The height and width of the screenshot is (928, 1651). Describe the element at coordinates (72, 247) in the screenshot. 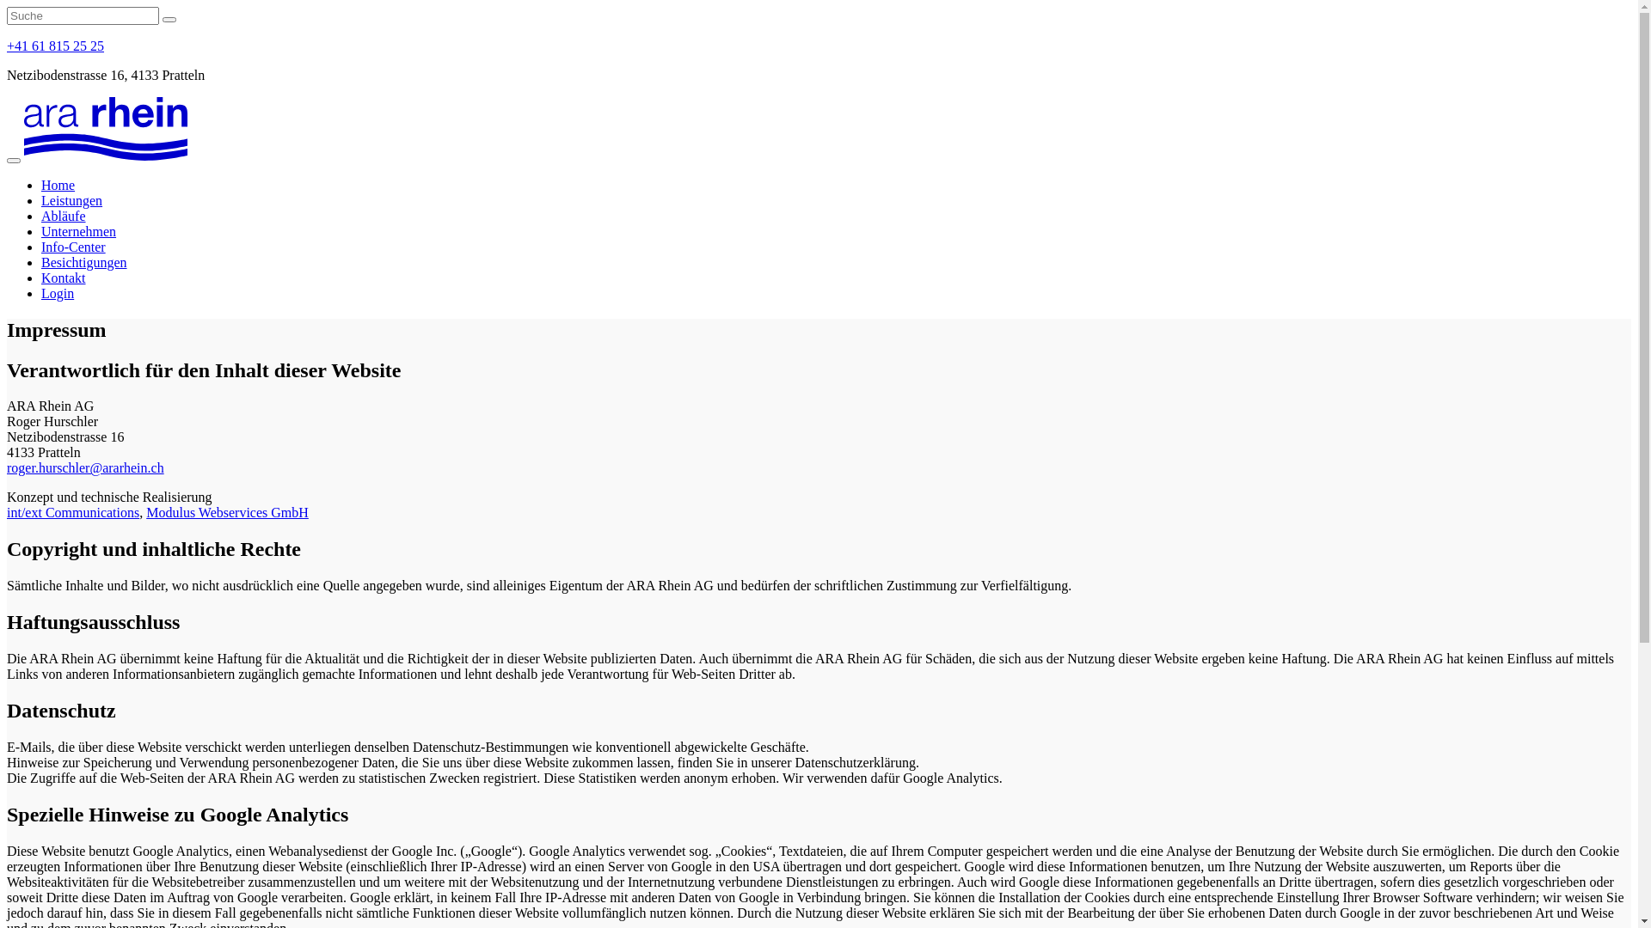

I see `'Info-Center'` at that location.